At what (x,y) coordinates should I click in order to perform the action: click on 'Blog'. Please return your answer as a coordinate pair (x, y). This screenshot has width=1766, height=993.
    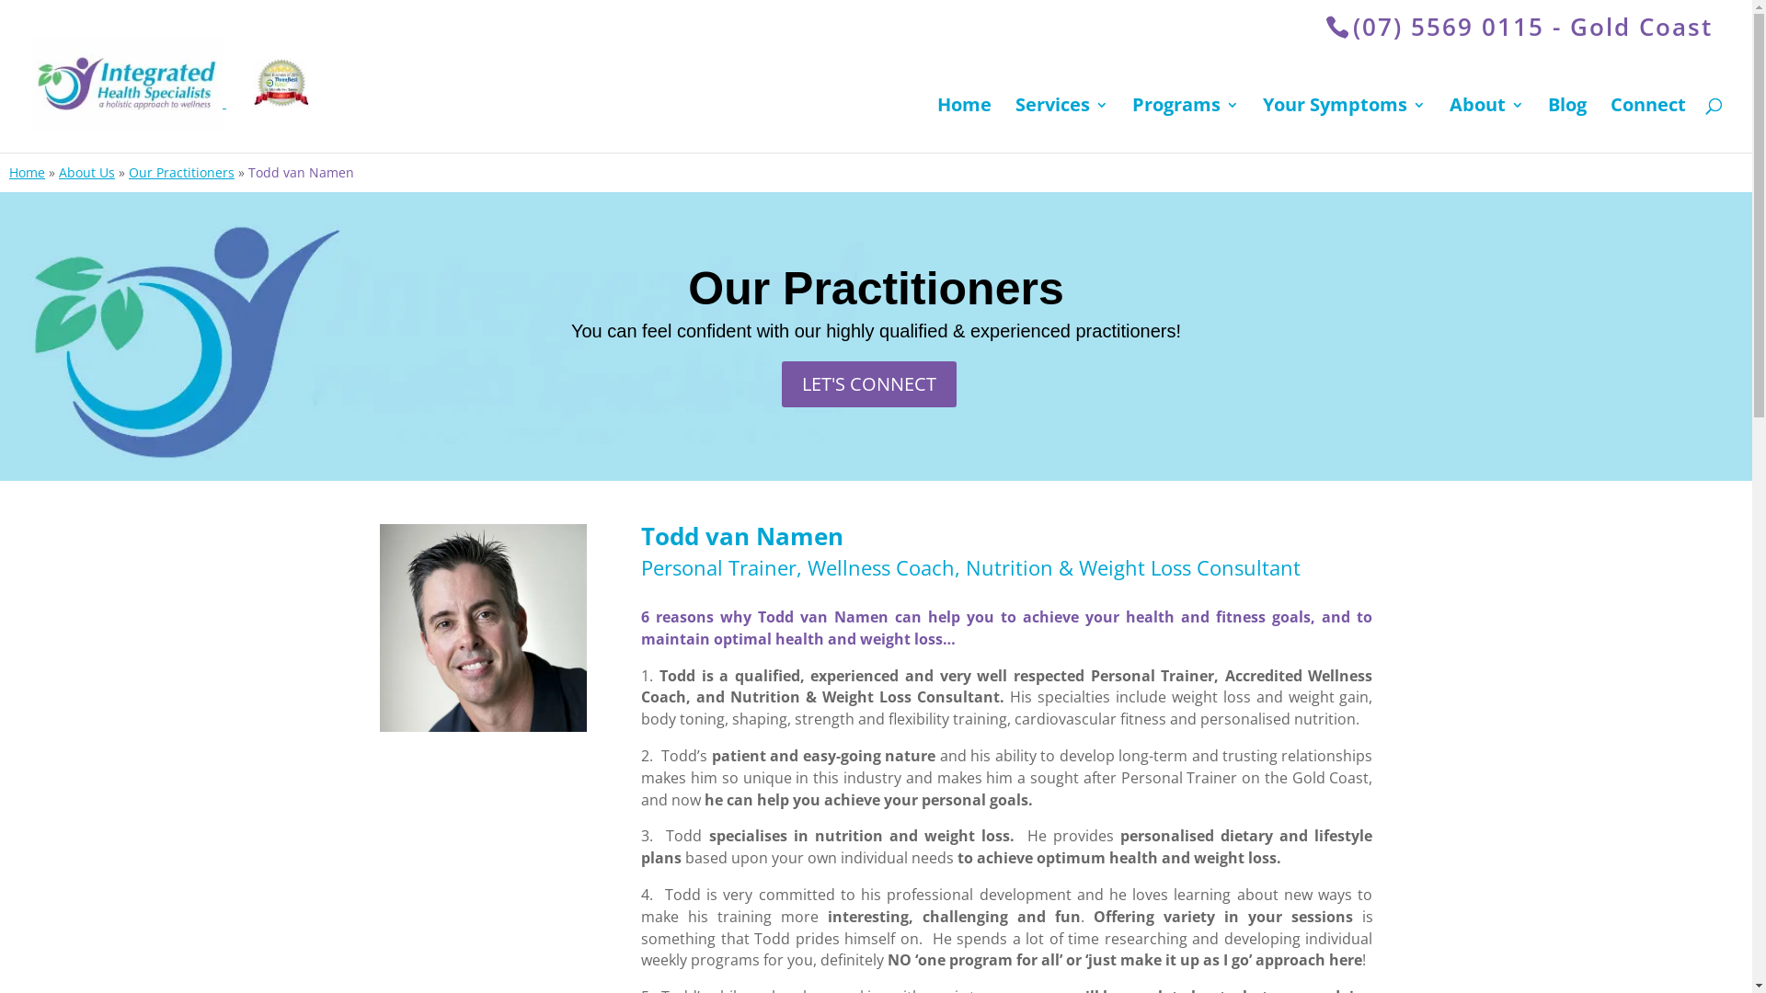
    Looking at the image, I should click on (1566, 124).